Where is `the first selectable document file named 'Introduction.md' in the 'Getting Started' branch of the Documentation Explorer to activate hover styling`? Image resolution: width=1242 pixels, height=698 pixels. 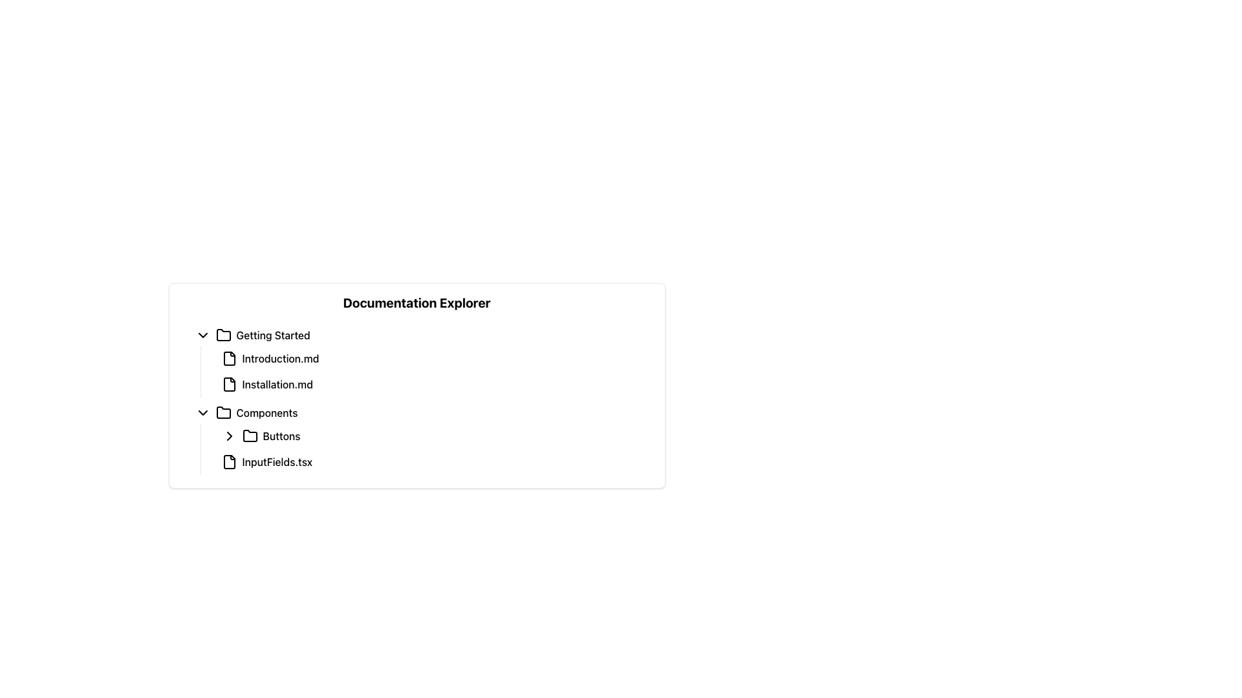
the first selectable document file named 'Introduction.md' in the 'Getting Started' branch of the Documentation Explorer to activate hover styling is located at coordinates (435, 359).